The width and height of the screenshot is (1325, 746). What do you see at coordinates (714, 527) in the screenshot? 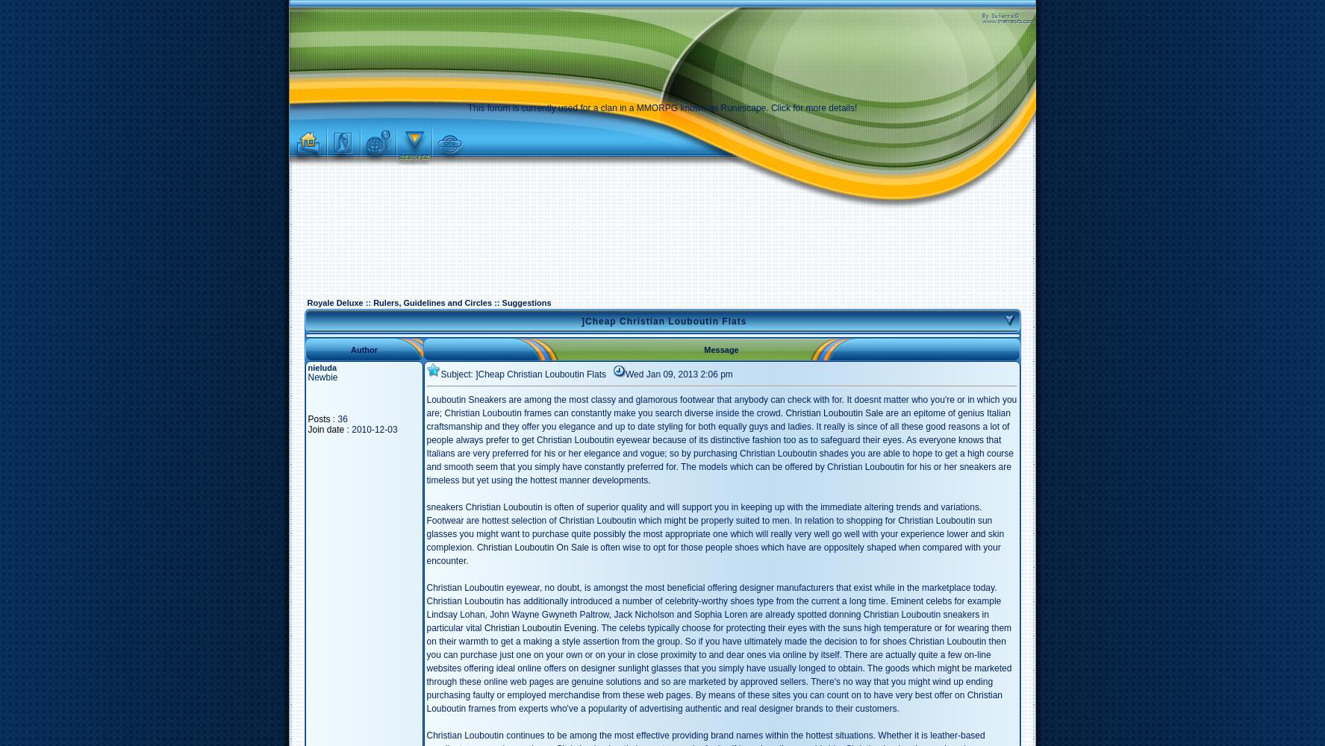
I see `'sneakers Christian Louboutin is often of superior quality and will support you in keeping up with the immediate altering trends and variations. Footwear are hottest selection of Christian Louboutin which might be properly suited to men. In relation to shopping for Christian Louboutin sun glasses you might want to purchase quite possibly the most appropriate one which will really very well go well with your experience lower and skin complexion.'` at bounding box center [714, 527].